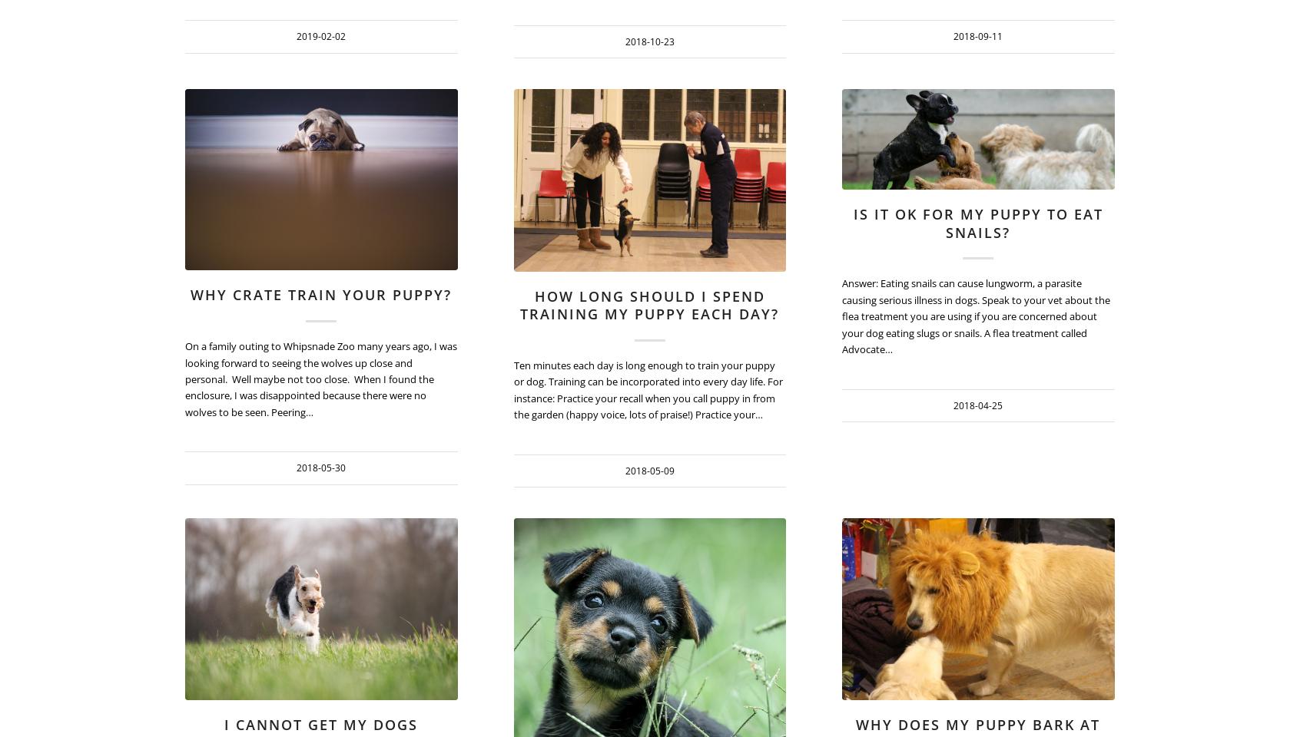 This screenshot has height=737, width=1300. Describe the element at coordinates (784, 616) in the screenshot. I see `'2018-04-04 14:40:05'` at that location.